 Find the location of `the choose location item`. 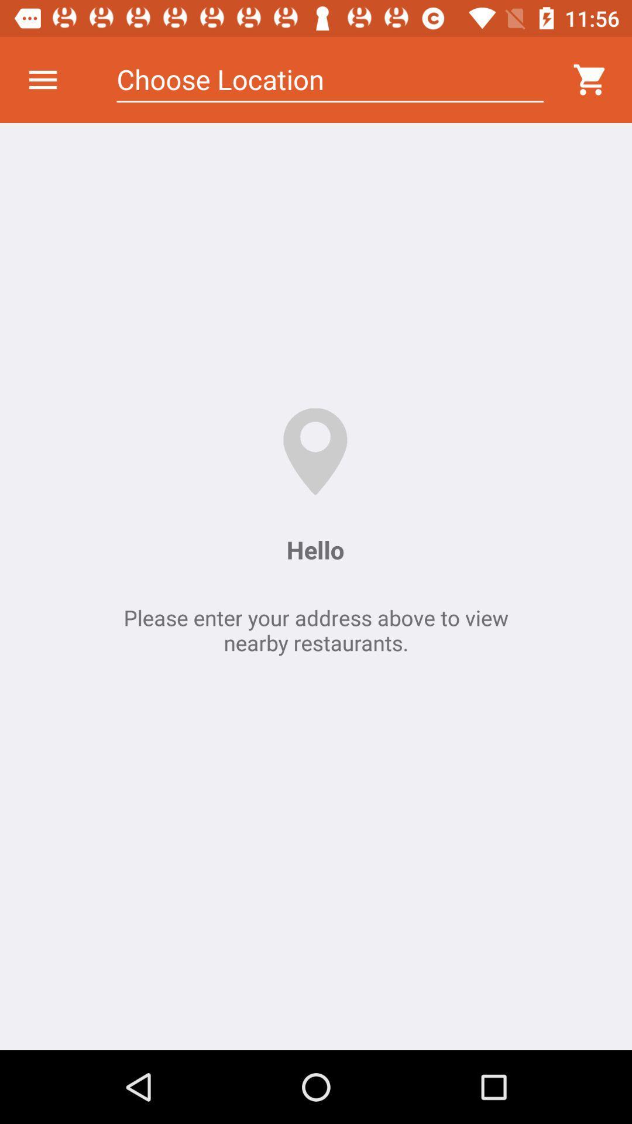

the choose location item is located at coordinates (330, 79).